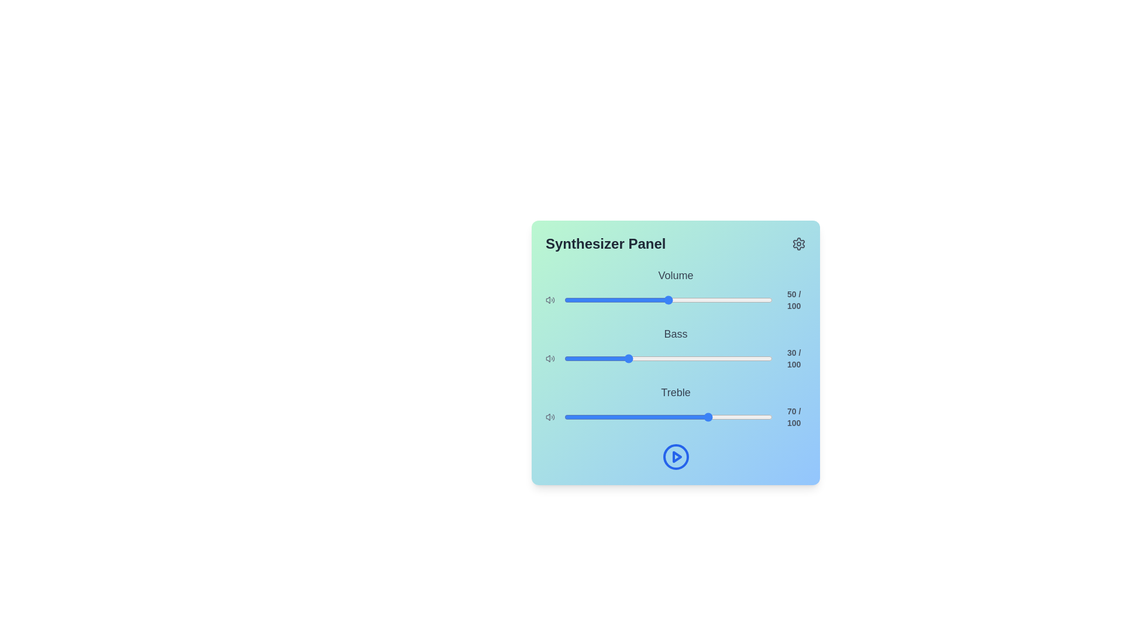 The width and height of the screenshot is (1123, 632). What do you see at coordinates (734, 417) in the screenshot?
I see `the treble slider to 82 value` at bounding box center [734, 417].